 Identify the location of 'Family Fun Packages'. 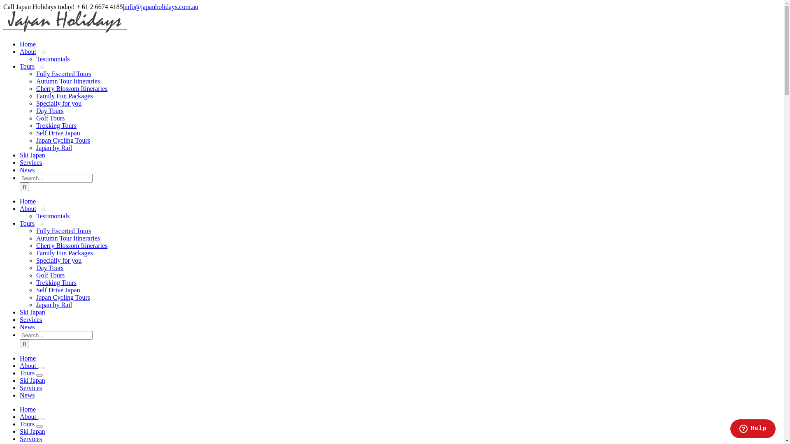
(35, 95).